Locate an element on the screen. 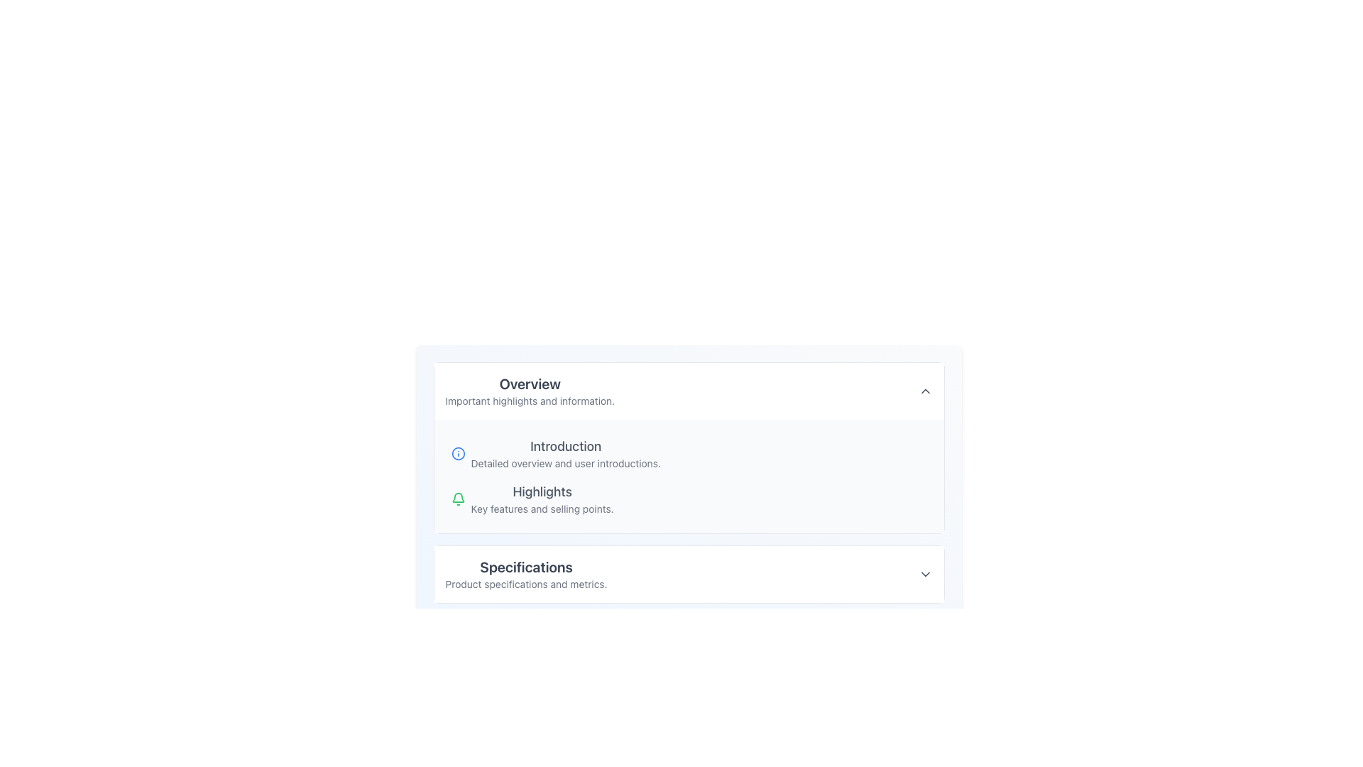 Image resolution: width=1363 pixels, height=767 pixels. the icon located in the 'Highlights' section, which is the first component in the row to the left of the text 'Highlights' and 'Key features and selling points' is located at coordinates (458, 498).